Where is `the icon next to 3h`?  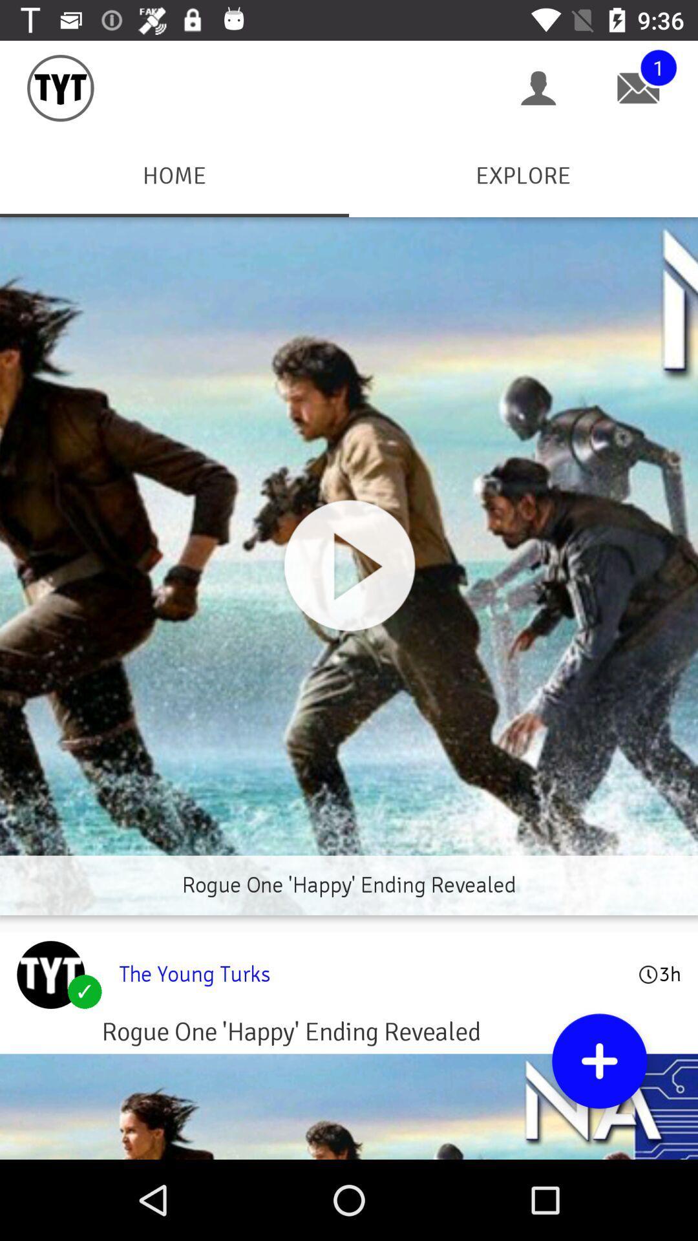
the icon next to 3h is located at coordinates (370, 974).